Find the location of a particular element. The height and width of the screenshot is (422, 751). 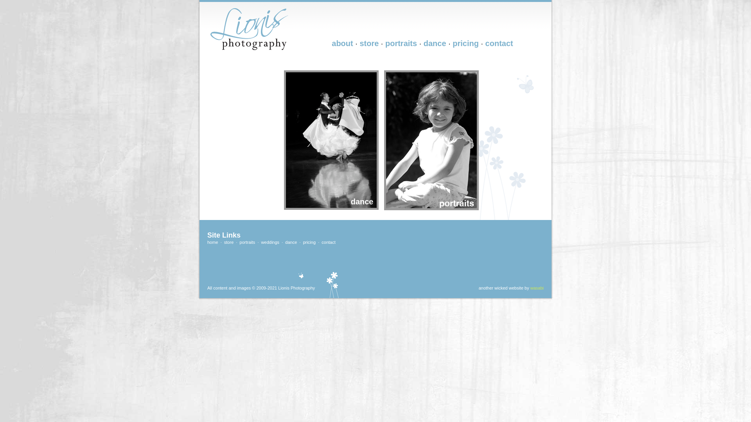

'contact' is located at coordinates (328, 242).